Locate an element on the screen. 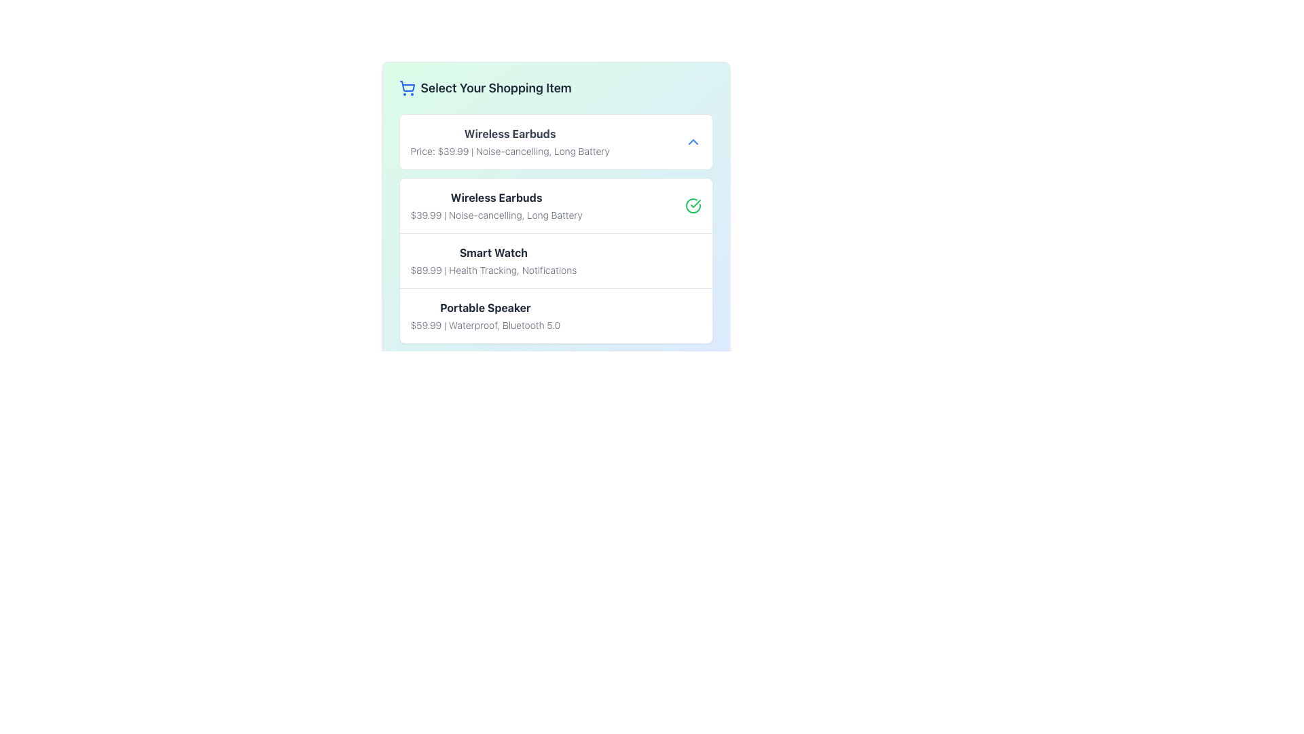 The image size is (1304, 734). the shopping cart icon which is located to the far left of the title text 'Select Your Shopping Item' is located at coordinates (406, 88).